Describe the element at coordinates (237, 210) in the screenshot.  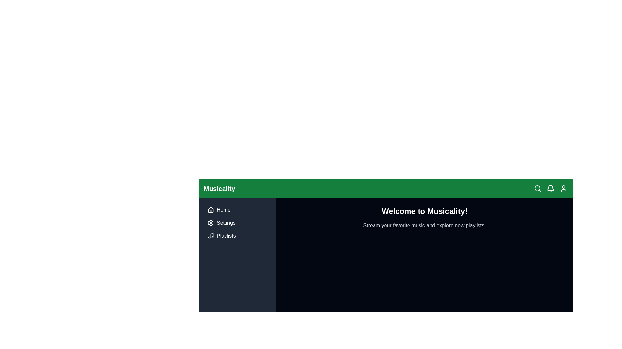
I see `the navigation button located at the top of the sidebar menu` at that location.